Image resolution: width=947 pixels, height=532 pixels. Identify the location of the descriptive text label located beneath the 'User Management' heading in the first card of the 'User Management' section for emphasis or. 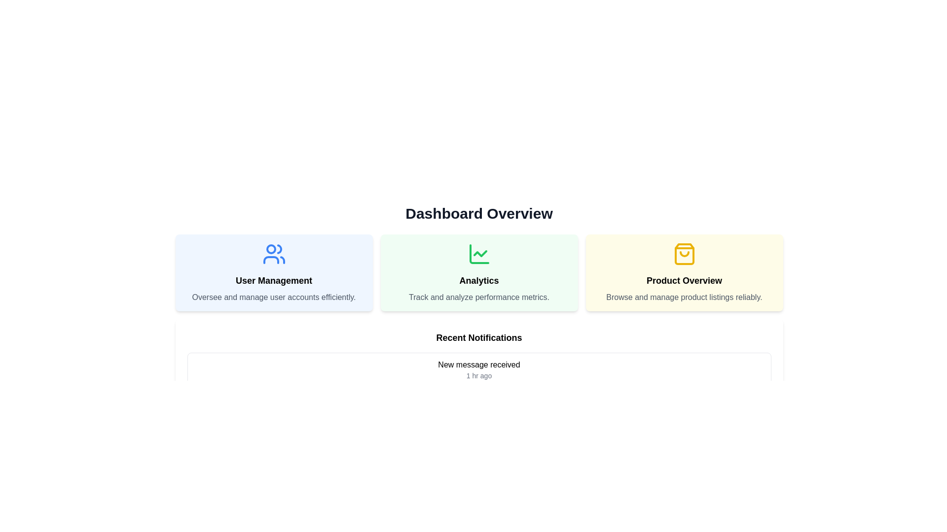
(274, 297).